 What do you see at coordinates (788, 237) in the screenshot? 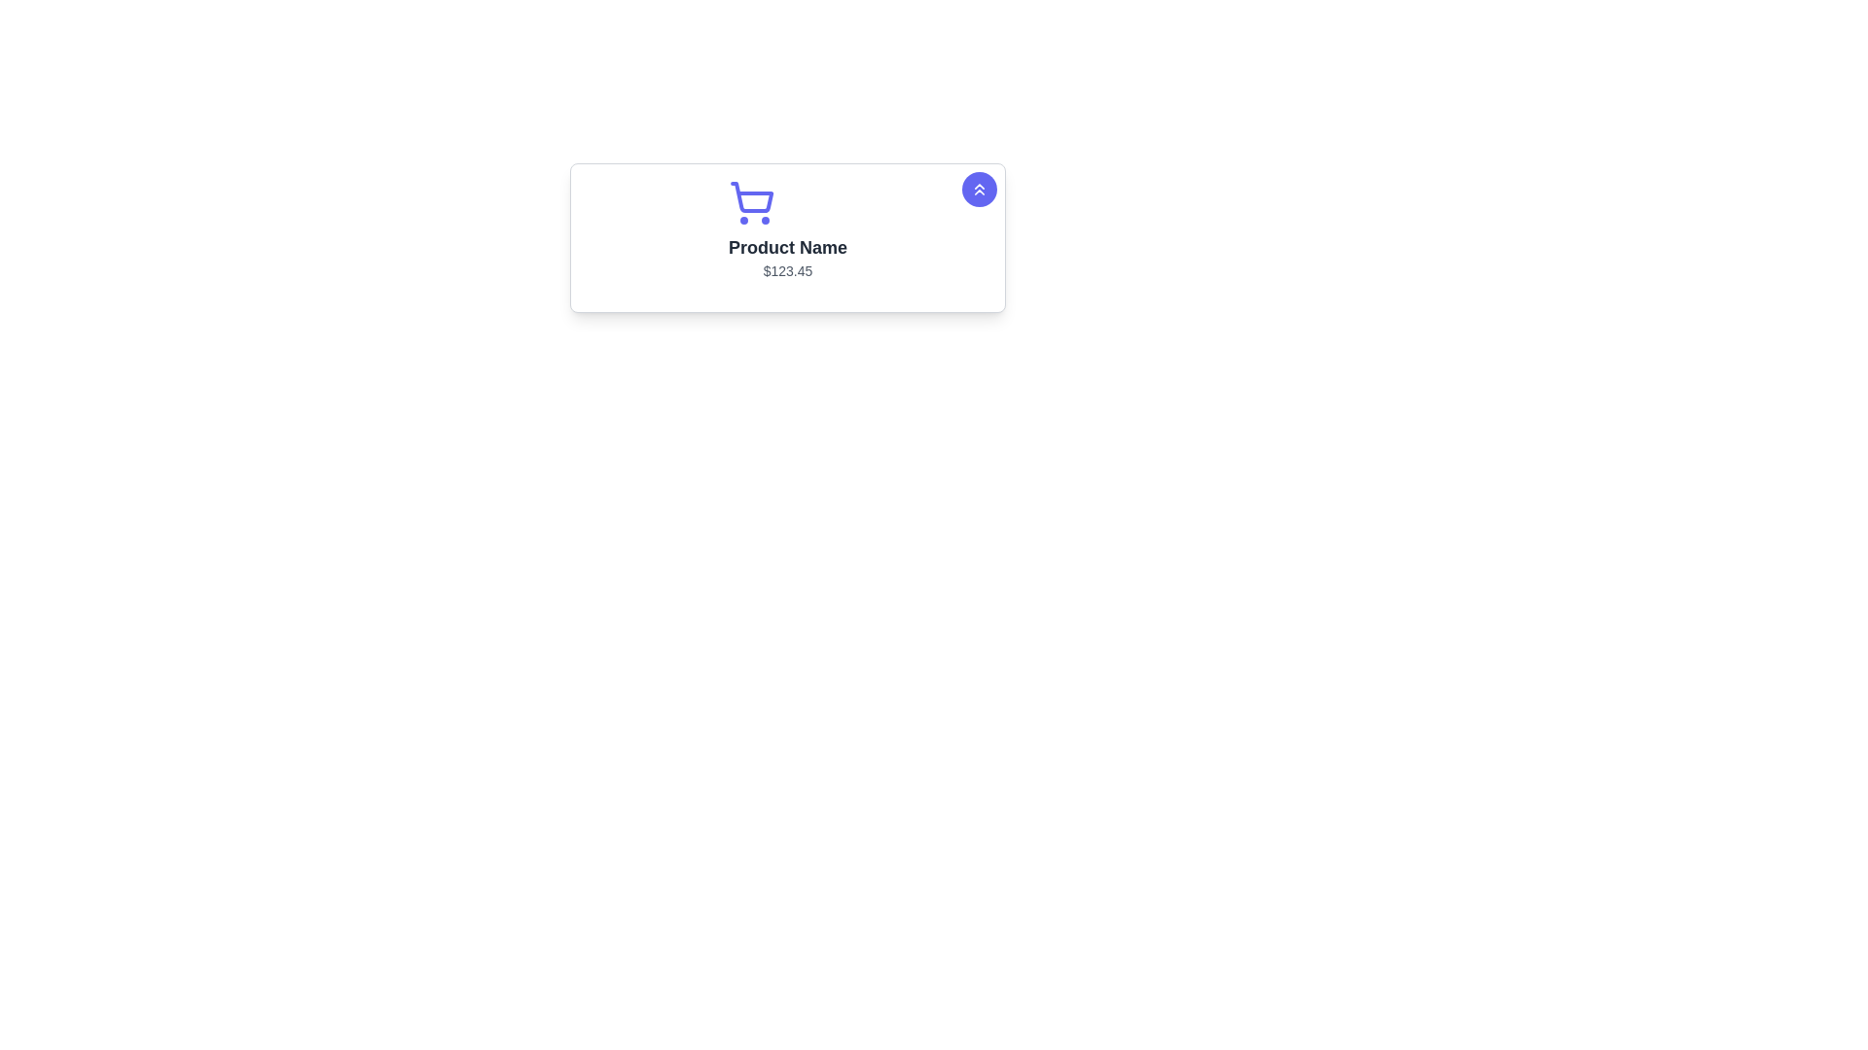
I see `the shopping cart icon in the Information Display Widget that shows the product name 'Product Name' and price '$123.45'` at bounding box center [788, 237].